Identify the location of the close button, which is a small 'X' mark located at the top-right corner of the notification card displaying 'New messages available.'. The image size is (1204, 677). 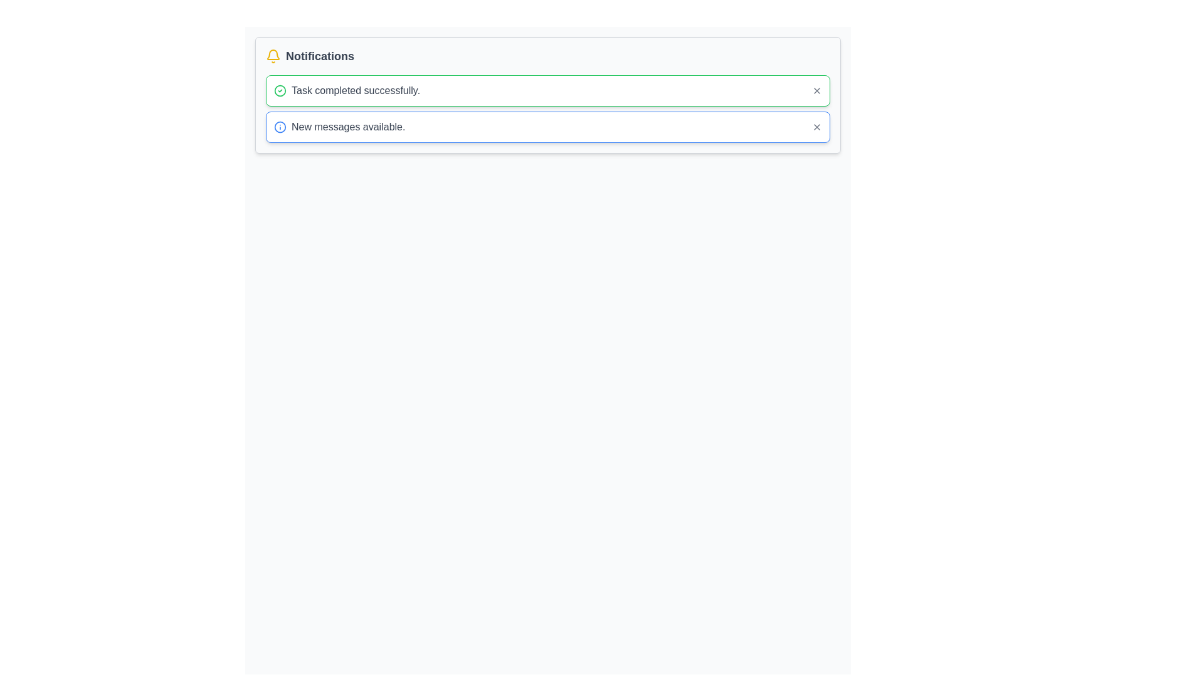
(816, 127).